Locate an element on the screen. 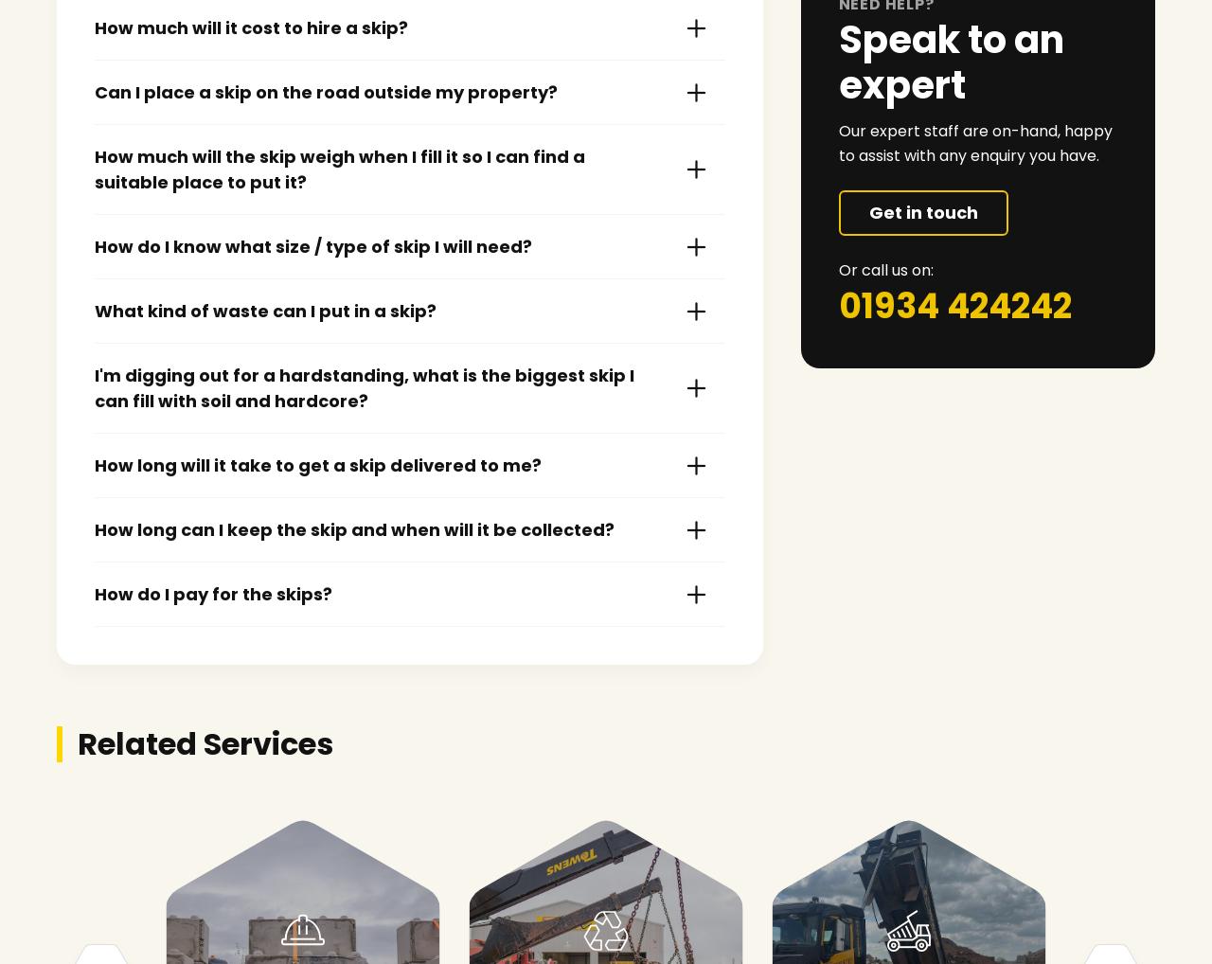 The image size is (1212, 964). 'Get in touch' is located at coordinates (922, 211).